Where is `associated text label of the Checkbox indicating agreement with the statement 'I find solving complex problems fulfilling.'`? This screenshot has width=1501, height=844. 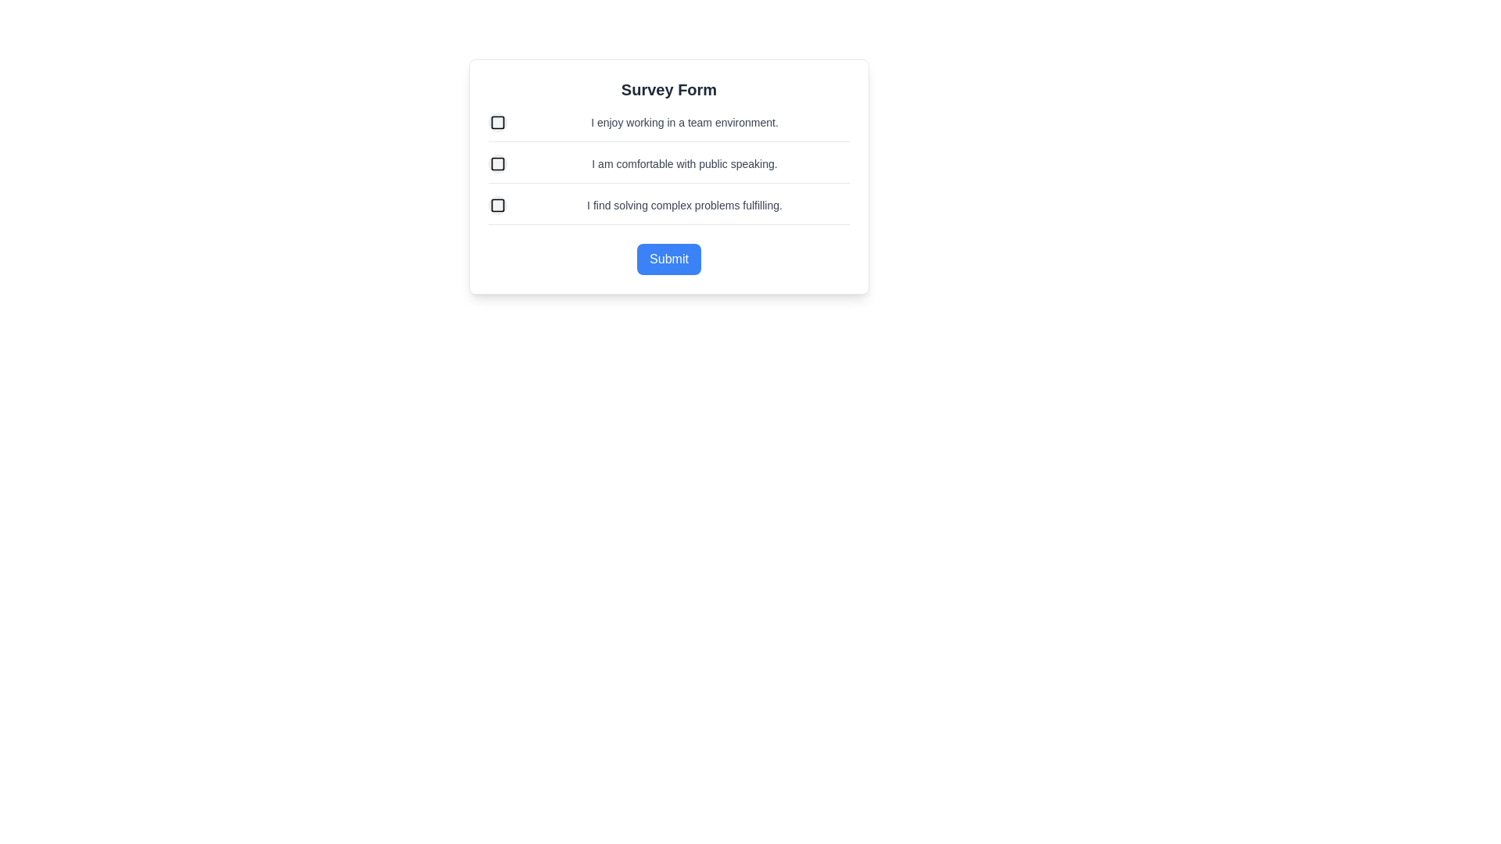 associated text label of the Checkbox indicating agreement with the statement 'I find solving complex problems fulfilling.' is located at coordinates (668, 209).